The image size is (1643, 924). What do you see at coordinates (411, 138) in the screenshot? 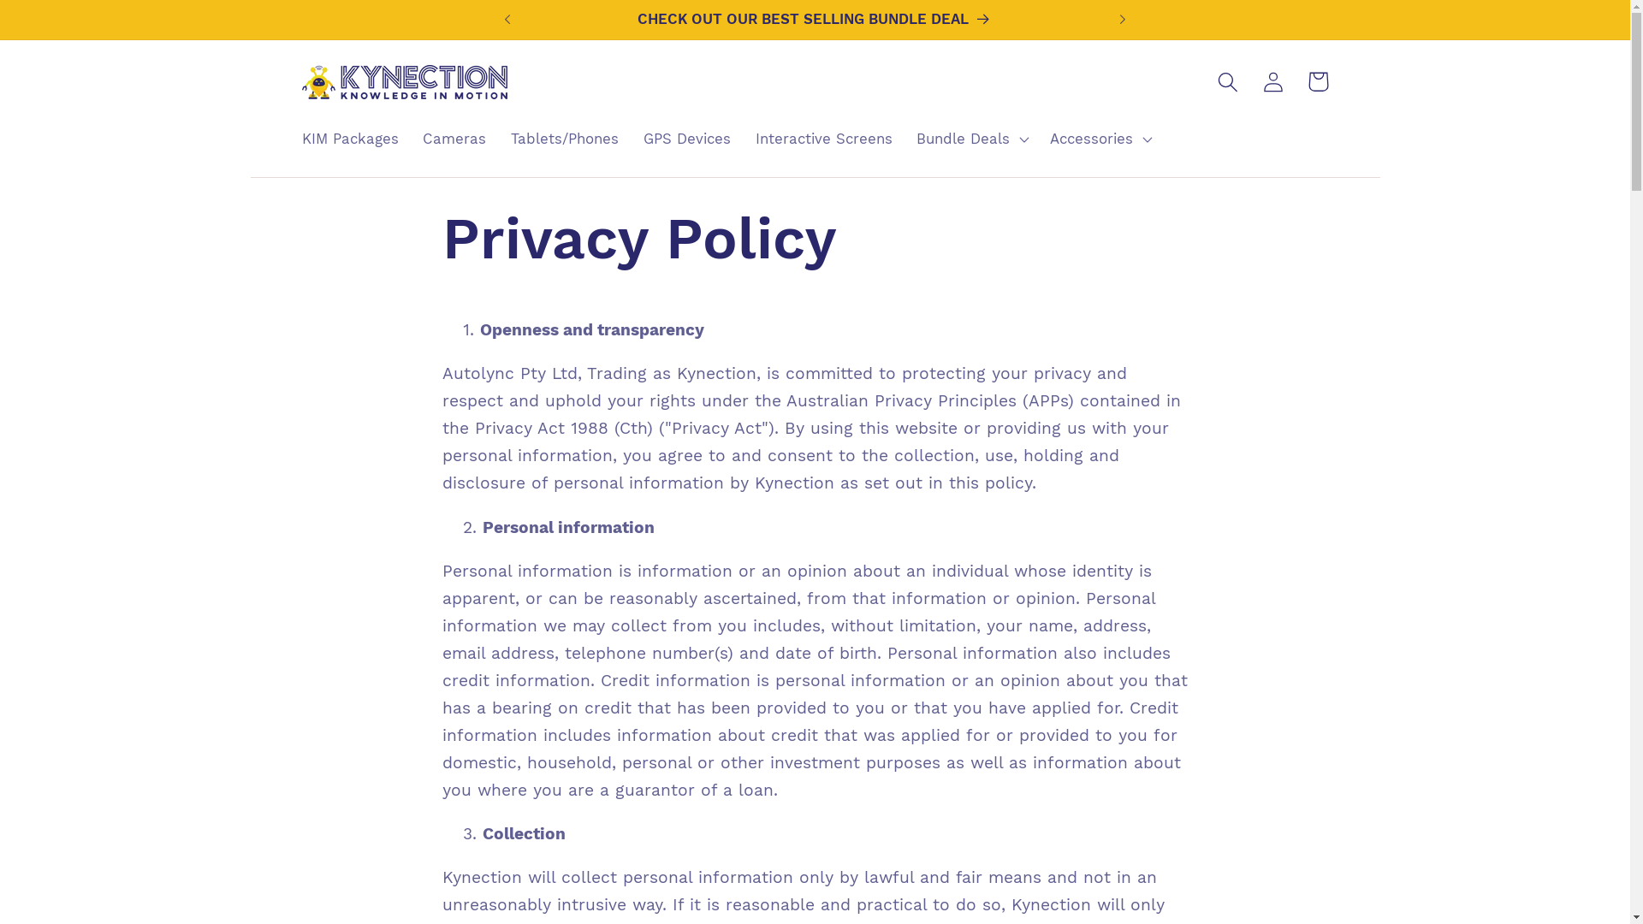
I see `'Cameras'` at bounding box center [411, 138].